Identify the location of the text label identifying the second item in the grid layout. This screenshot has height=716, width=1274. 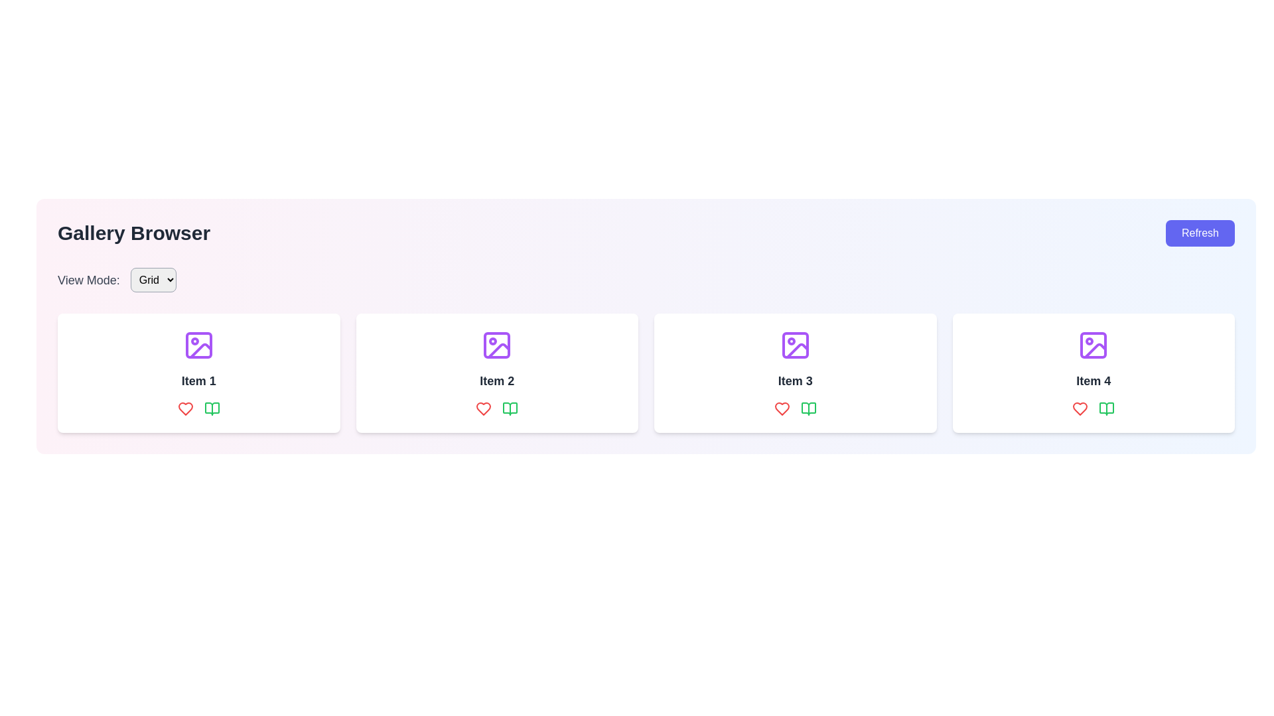
(496, 381).